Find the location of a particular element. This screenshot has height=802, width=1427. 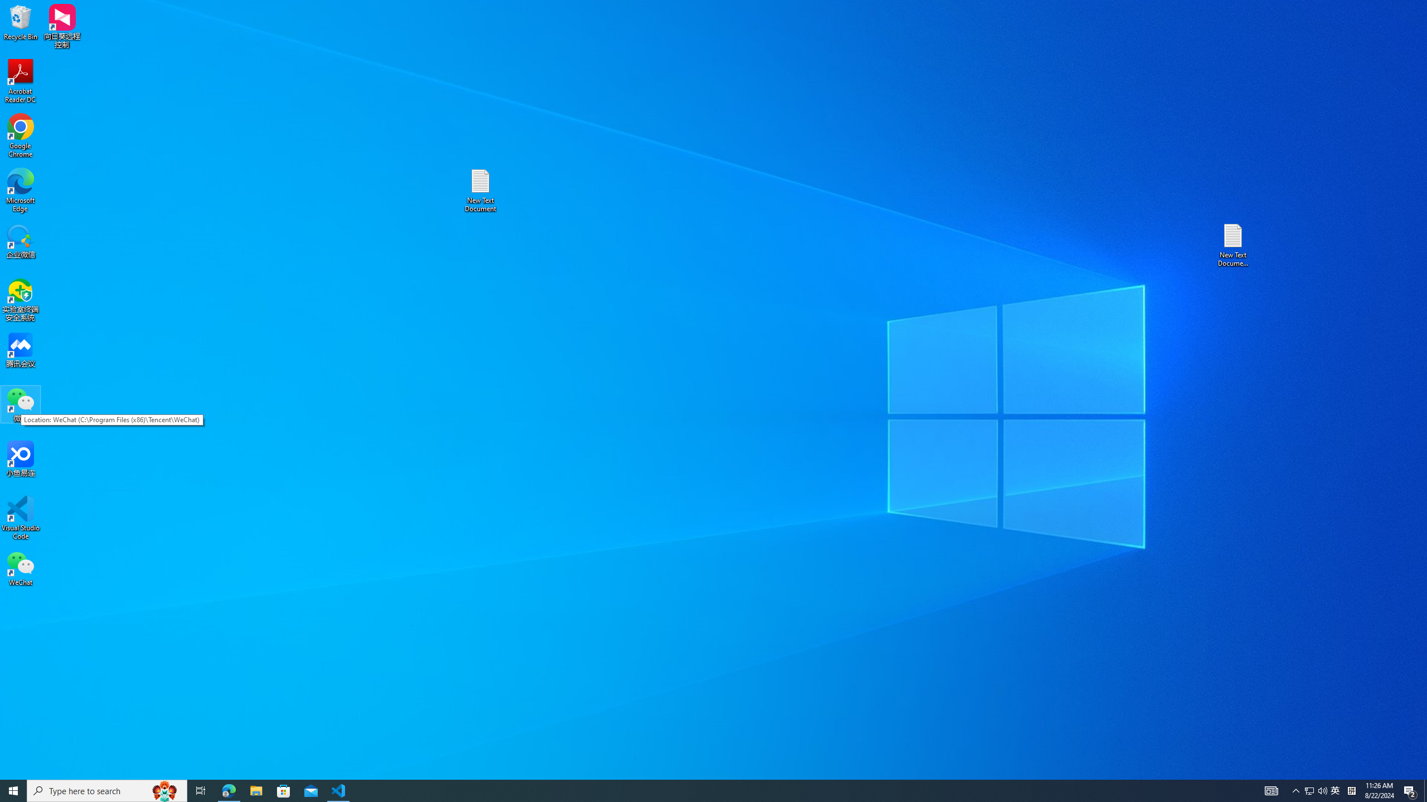

'Type here to search' is located at coordinates (106, 790).